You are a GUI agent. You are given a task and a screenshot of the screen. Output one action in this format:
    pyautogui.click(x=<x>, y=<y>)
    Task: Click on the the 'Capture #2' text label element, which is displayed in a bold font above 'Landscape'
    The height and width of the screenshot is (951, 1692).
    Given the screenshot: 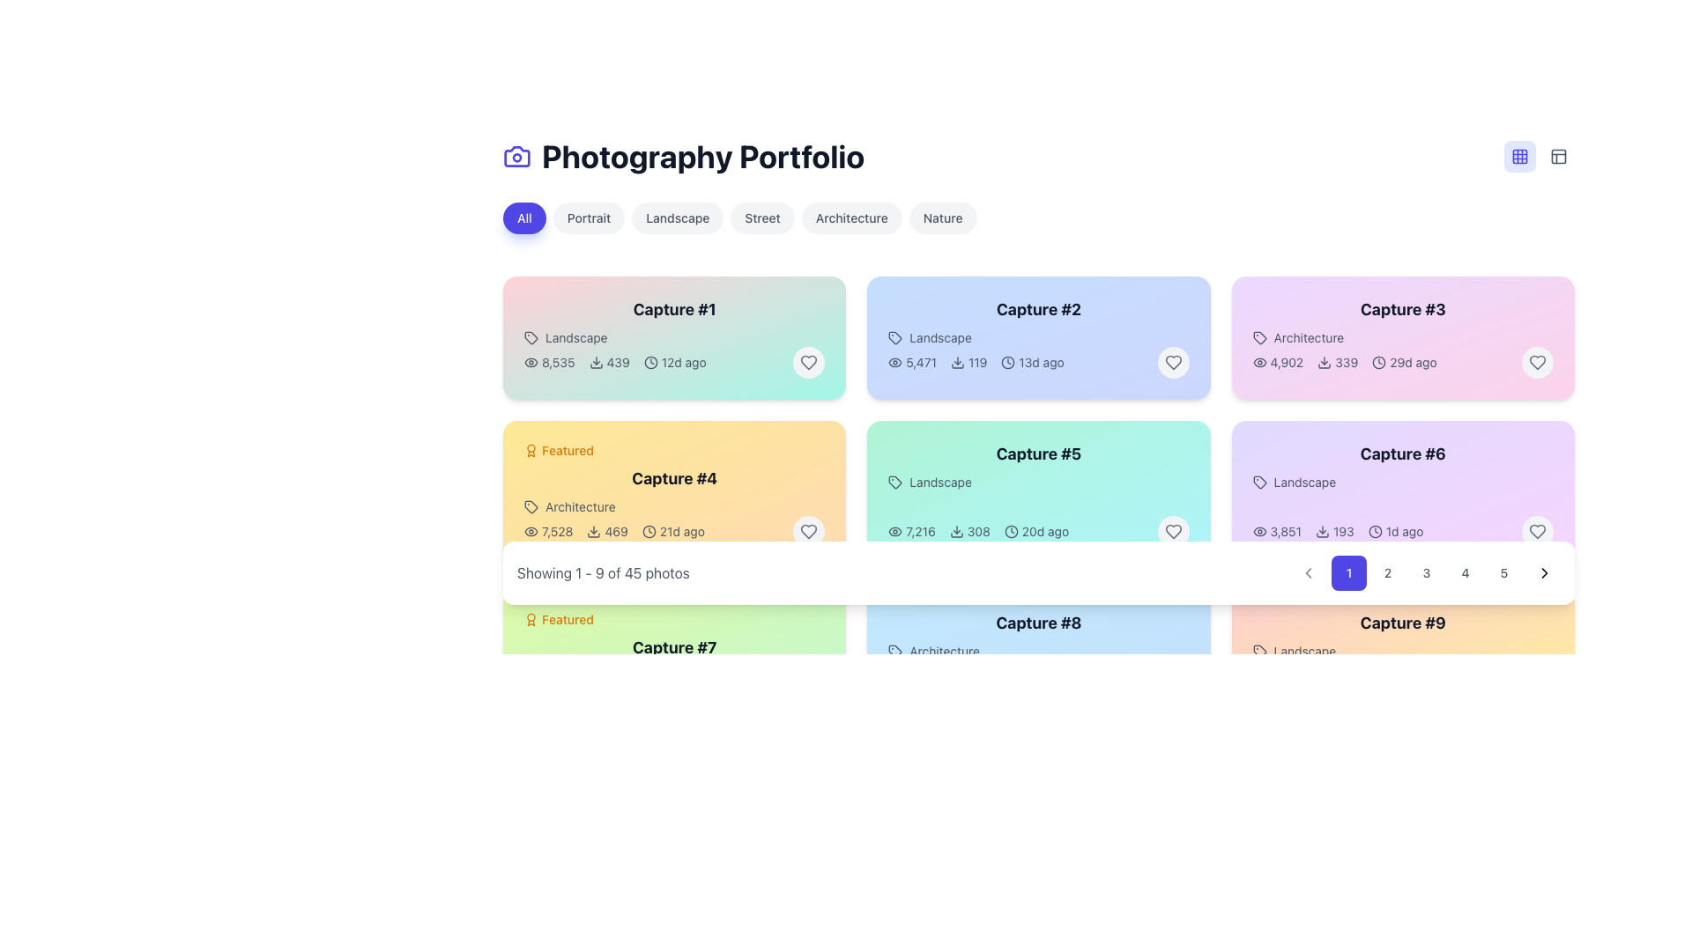 What is the action you would take?
    pyautogui.click(x=1039, y=322)
    